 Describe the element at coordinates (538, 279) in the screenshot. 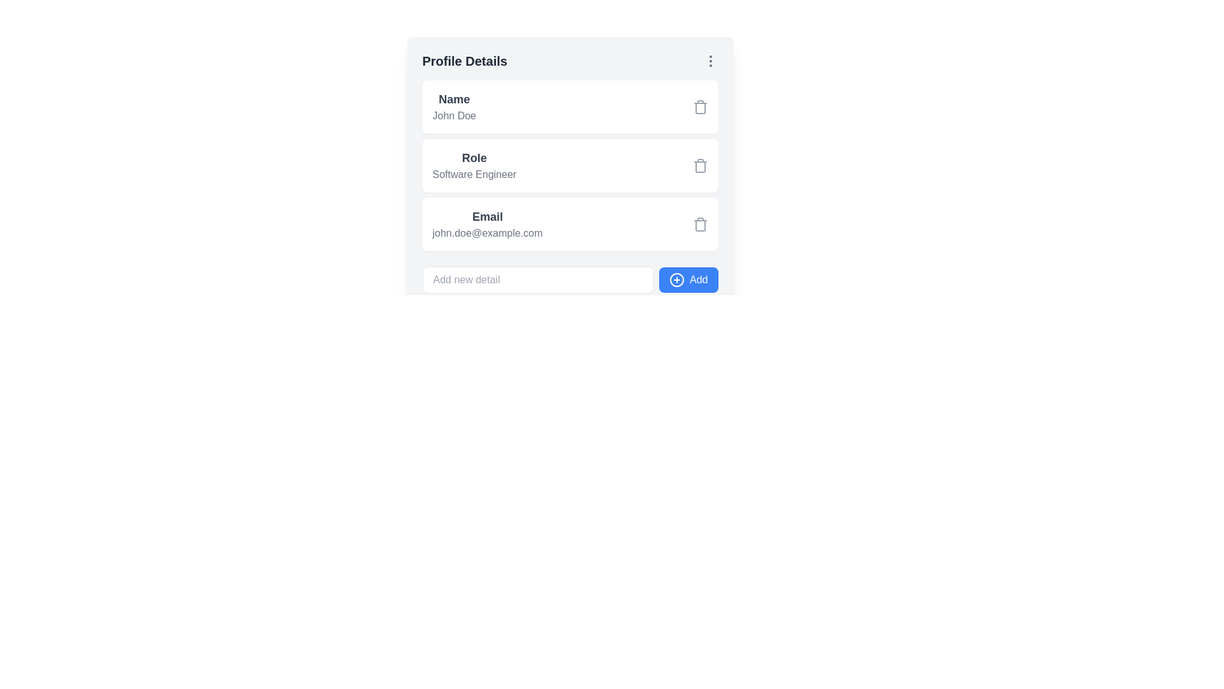

I see `to select any existing text in the input field styled with a rounded border beneath the 'Profile Details' section` at that location.